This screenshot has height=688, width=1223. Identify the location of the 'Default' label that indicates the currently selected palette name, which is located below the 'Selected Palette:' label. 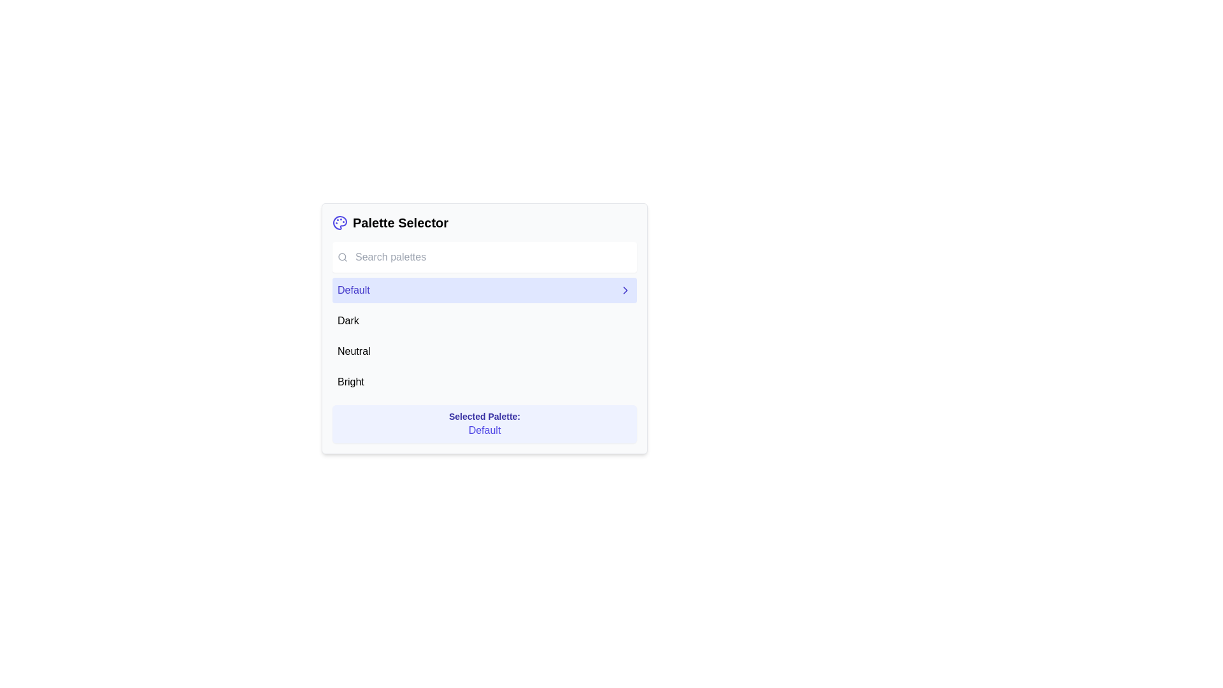
(484, 430).